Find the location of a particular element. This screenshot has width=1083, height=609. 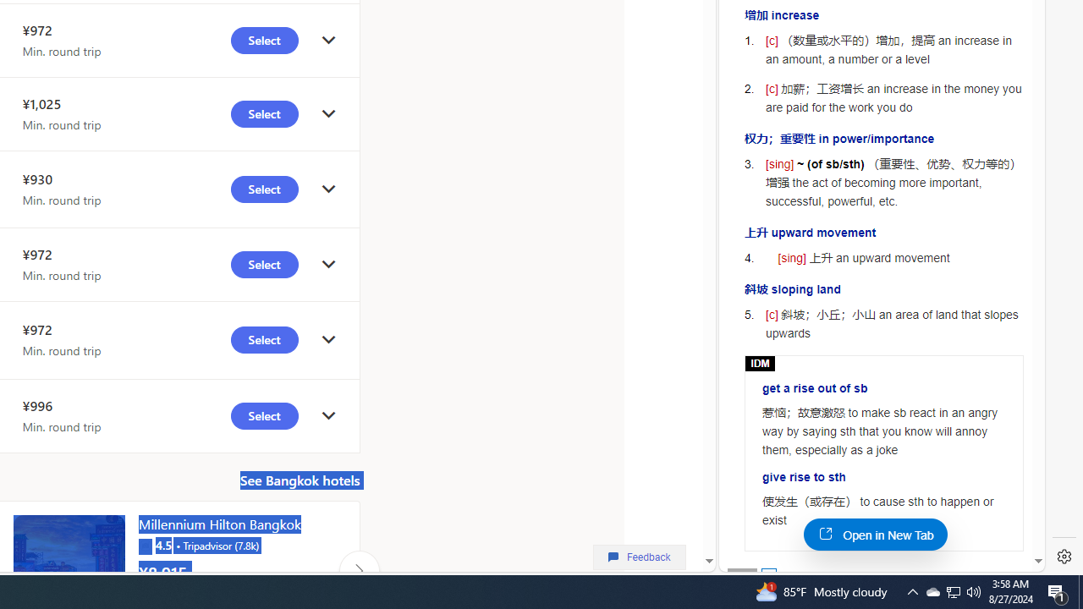

'AutomationID: posbtn_1' is located at coordinates (767, 574).